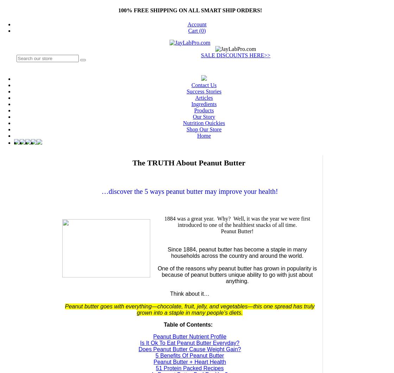  Describe the element at coordinates (204, 122) in the screenshot. I see `'Nutrition Quickies'` at that location.